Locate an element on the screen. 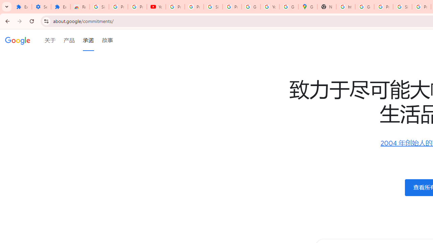  'Google Maps' is located at coordinates (307, 7).